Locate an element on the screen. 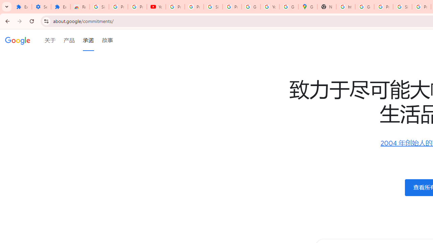  'Google Maps' is located at coordinates (307, 7).